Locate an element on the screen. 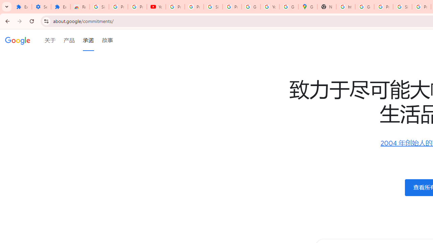  'Google Maps' is located at coordinates (307, 7).